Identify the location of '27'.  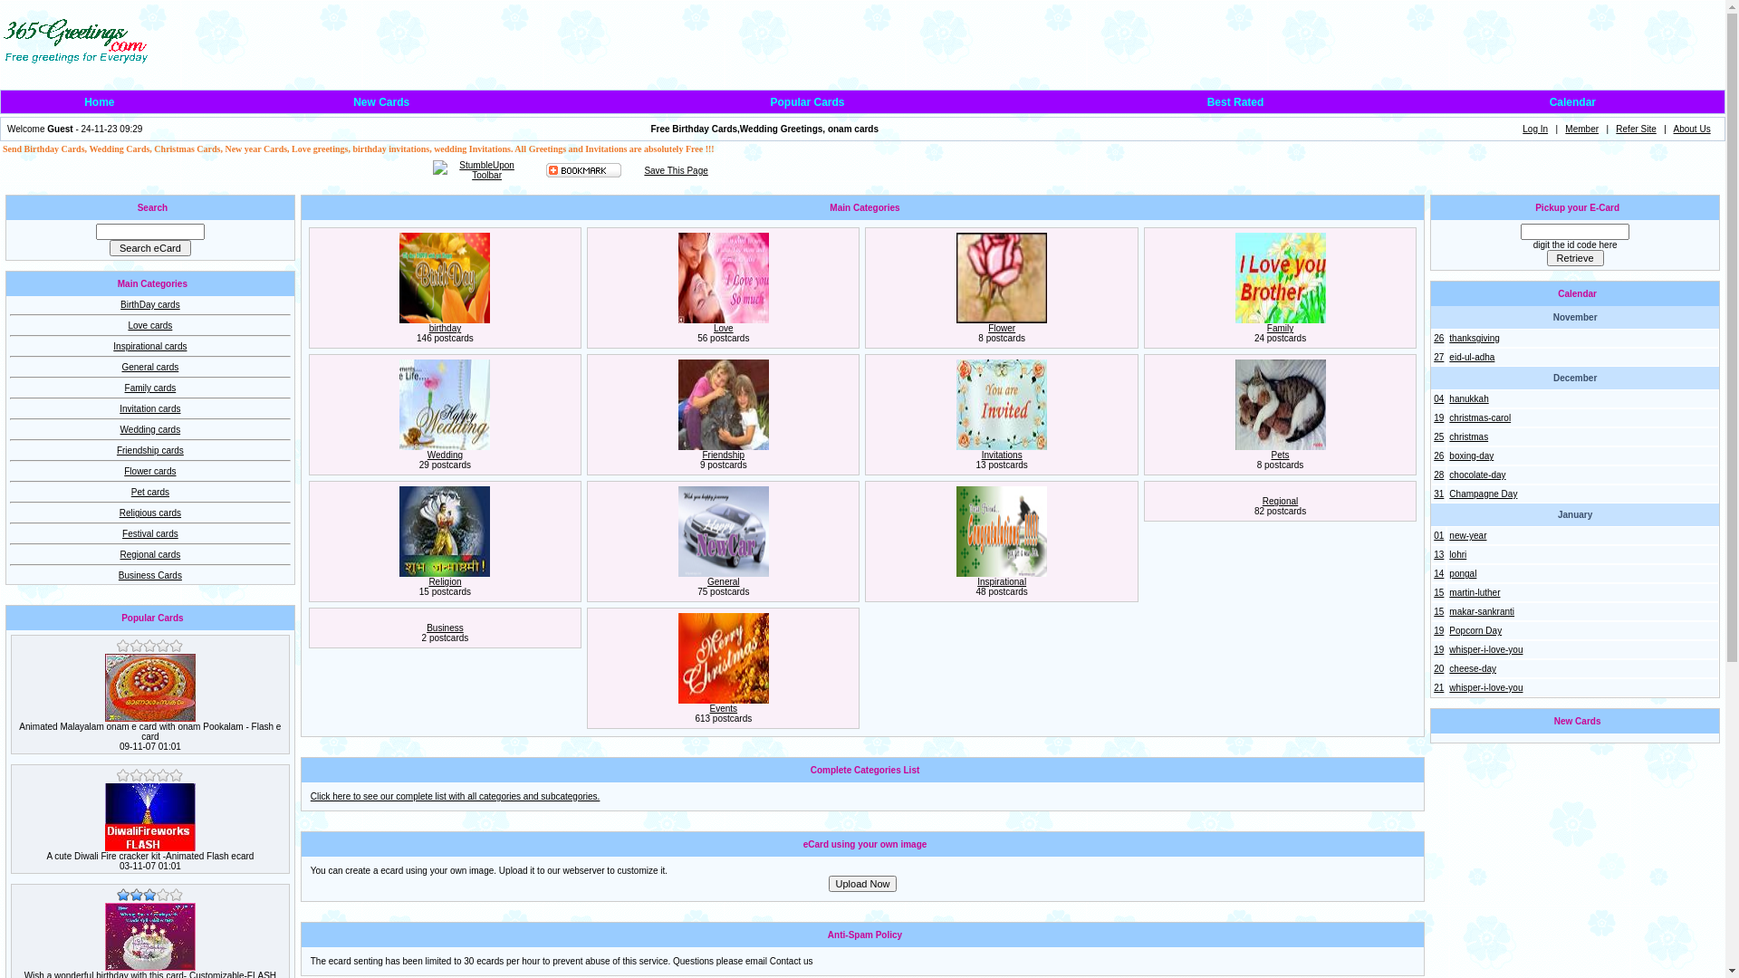
(1433, 357).